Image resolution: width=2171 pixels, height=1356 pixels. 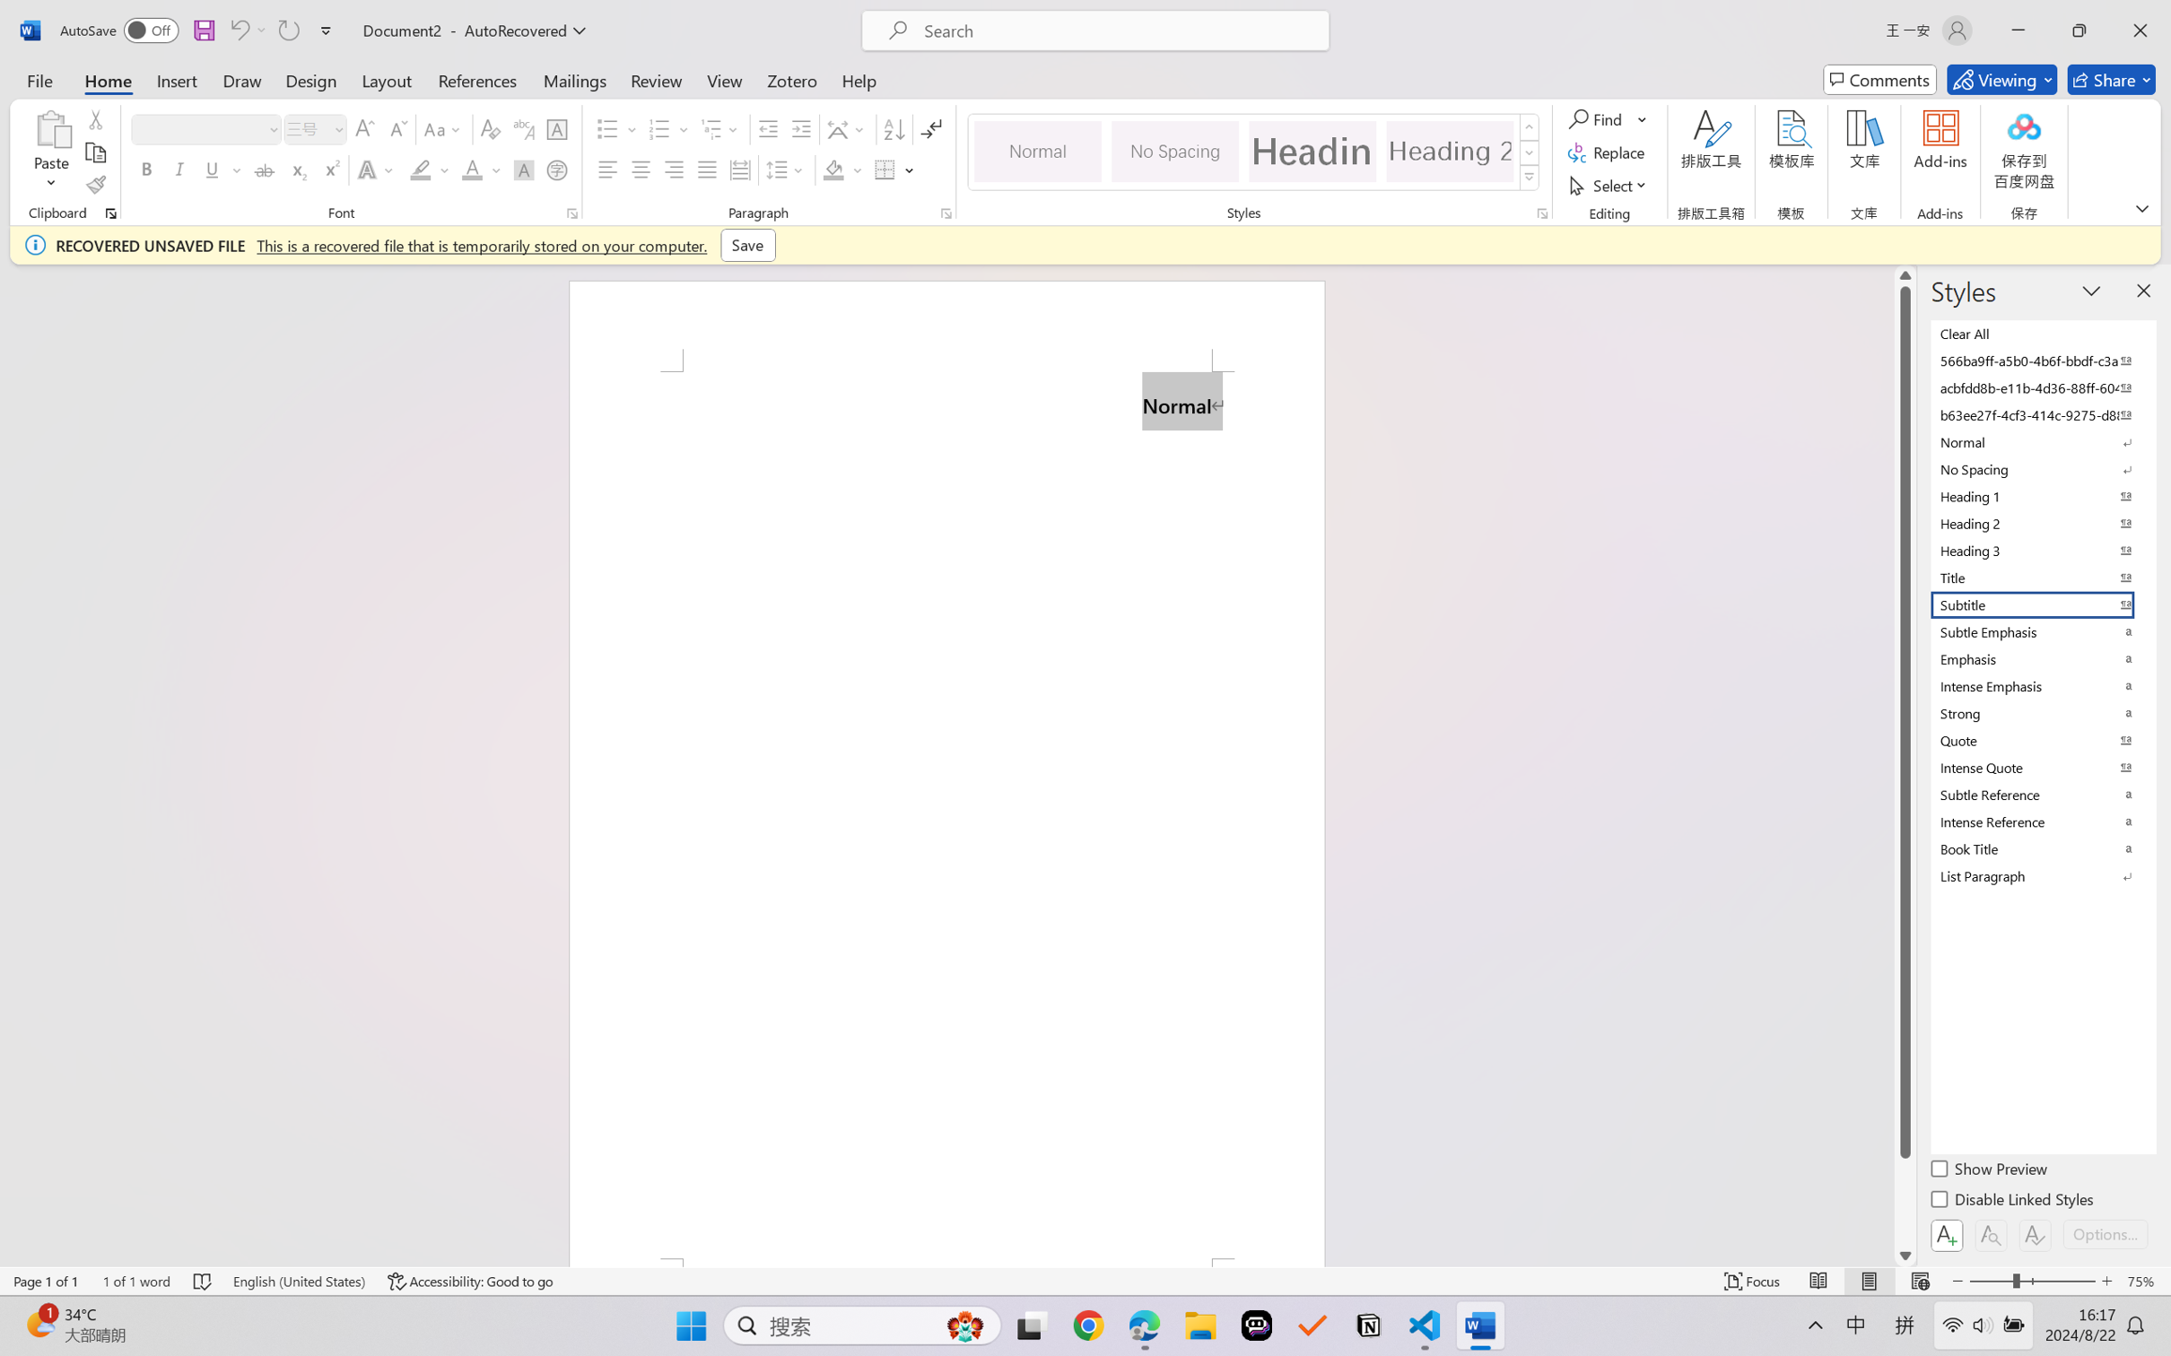 What do you see at coordinates (858, 79) in the screenshot?
I see `'Help'` at bounding box center [858, 79].